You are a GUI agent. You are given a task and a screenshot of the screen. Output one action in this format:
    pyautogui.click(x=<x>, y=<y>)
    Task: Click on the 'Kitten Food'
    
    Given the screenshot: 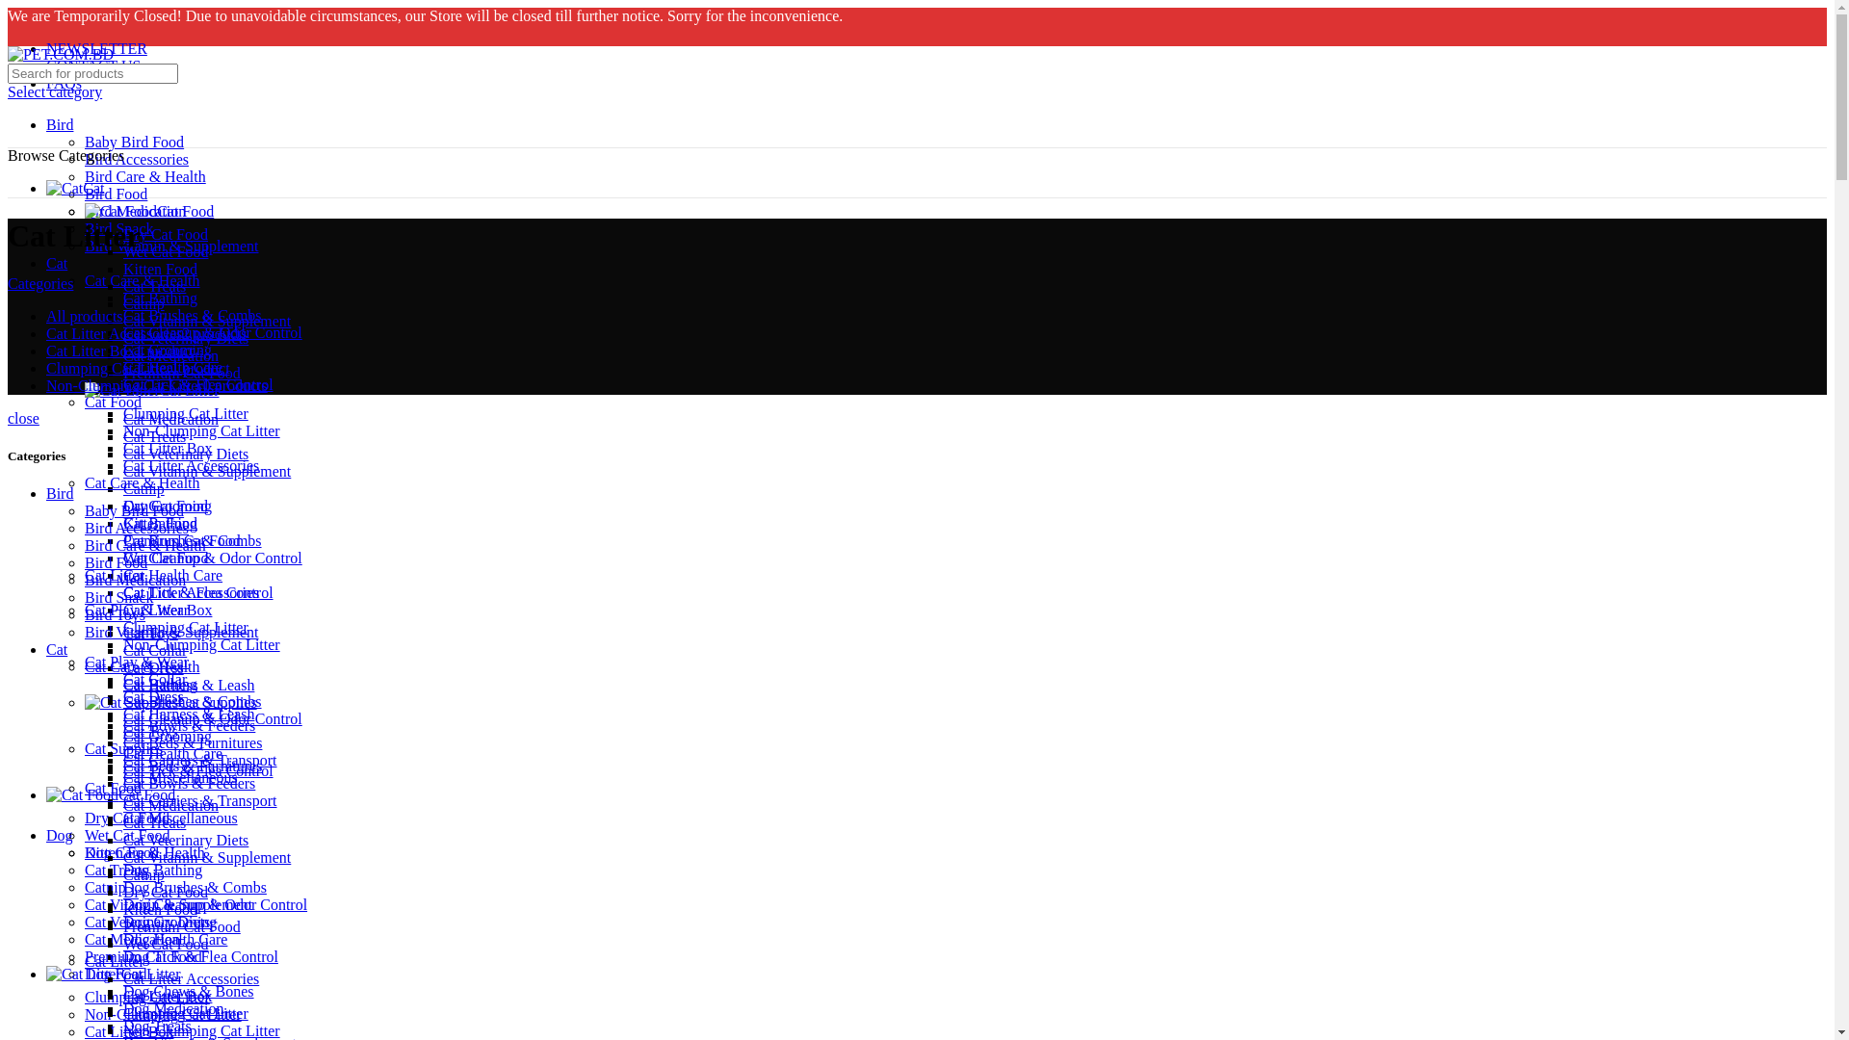 What is the action you would take?
    pyautogui.click(x=160, y=269)
    